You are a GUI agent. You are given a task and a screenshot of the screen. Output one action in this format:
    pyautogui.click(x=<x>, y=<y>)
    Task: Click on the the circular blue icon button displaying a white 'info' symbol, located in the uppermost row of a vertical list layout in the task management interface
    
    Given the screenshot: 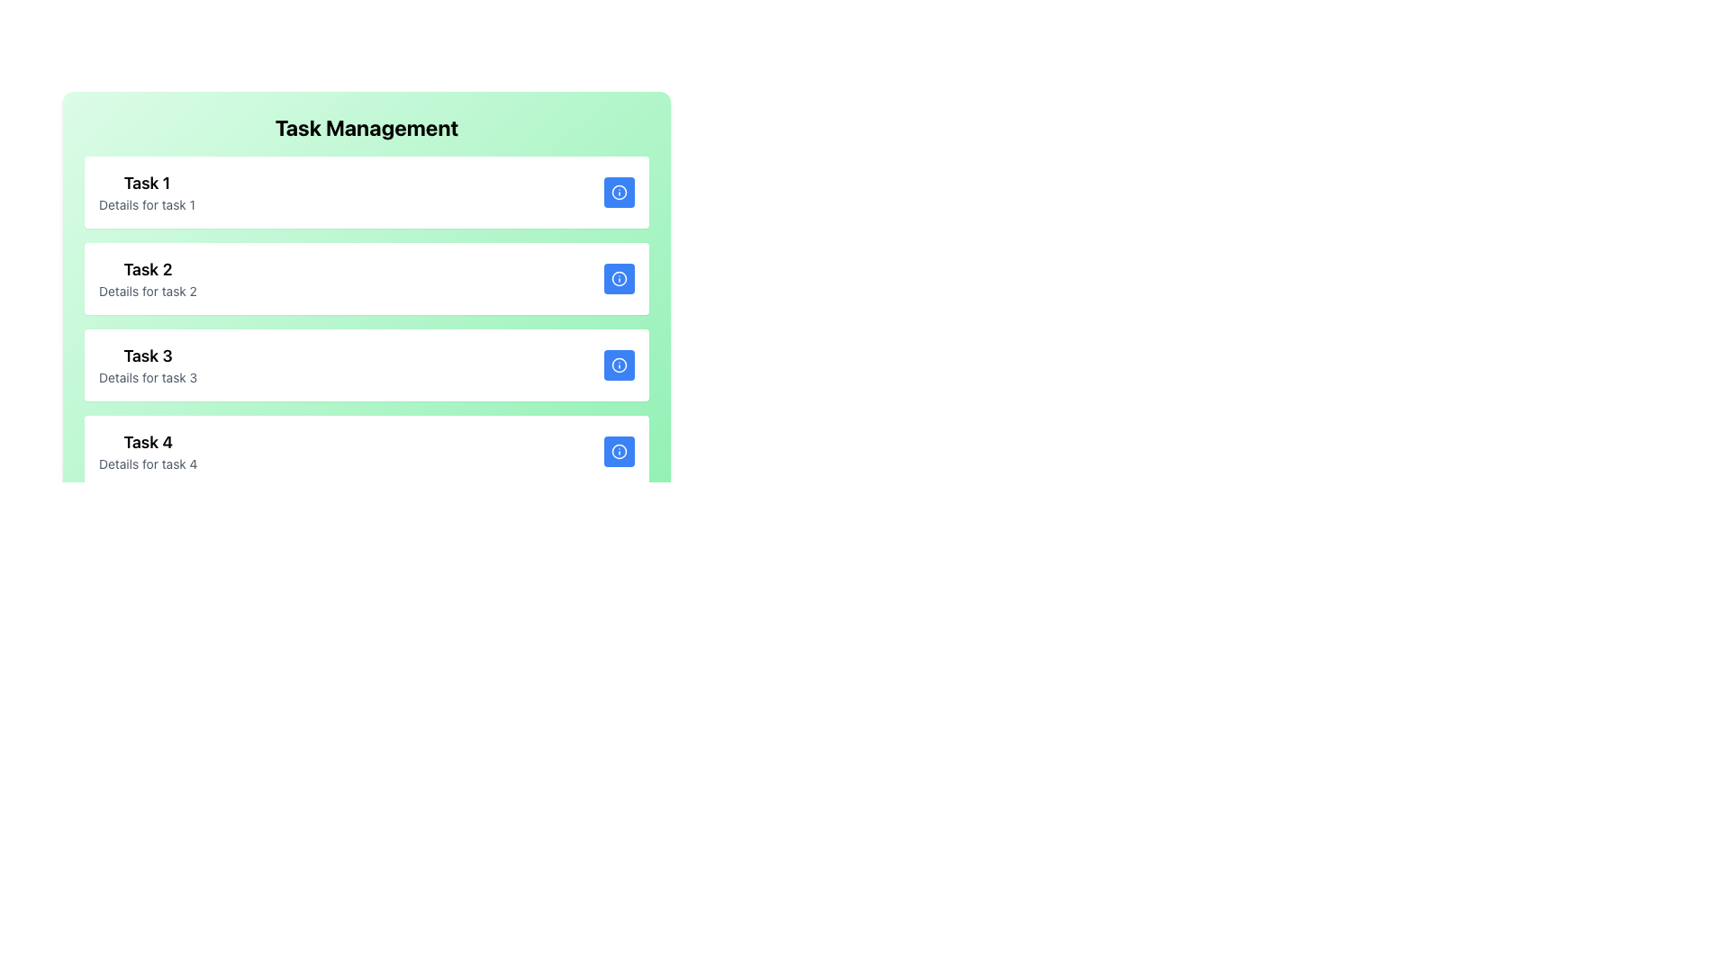 What is the action you would take?
    pyautogui.click(x=619, y=192)
    